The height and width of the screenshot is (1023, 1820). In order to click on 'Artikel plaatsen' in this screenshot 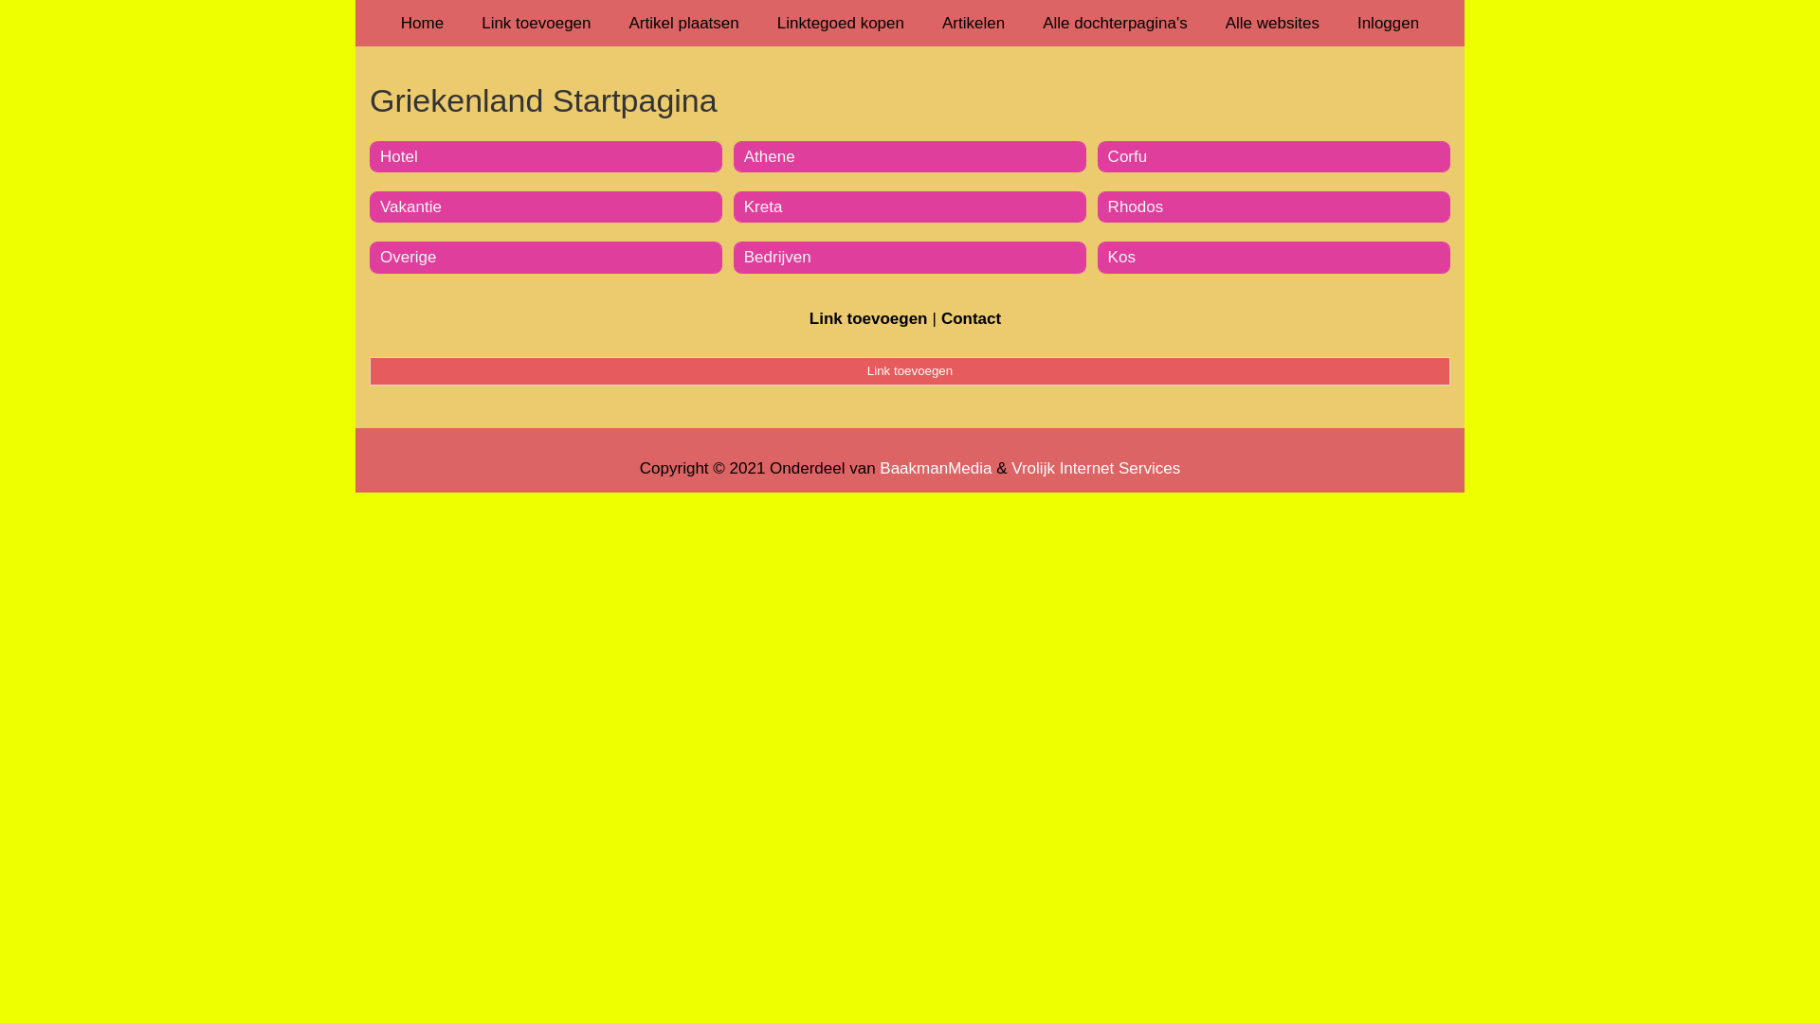, I will do `click(682, 23)`.